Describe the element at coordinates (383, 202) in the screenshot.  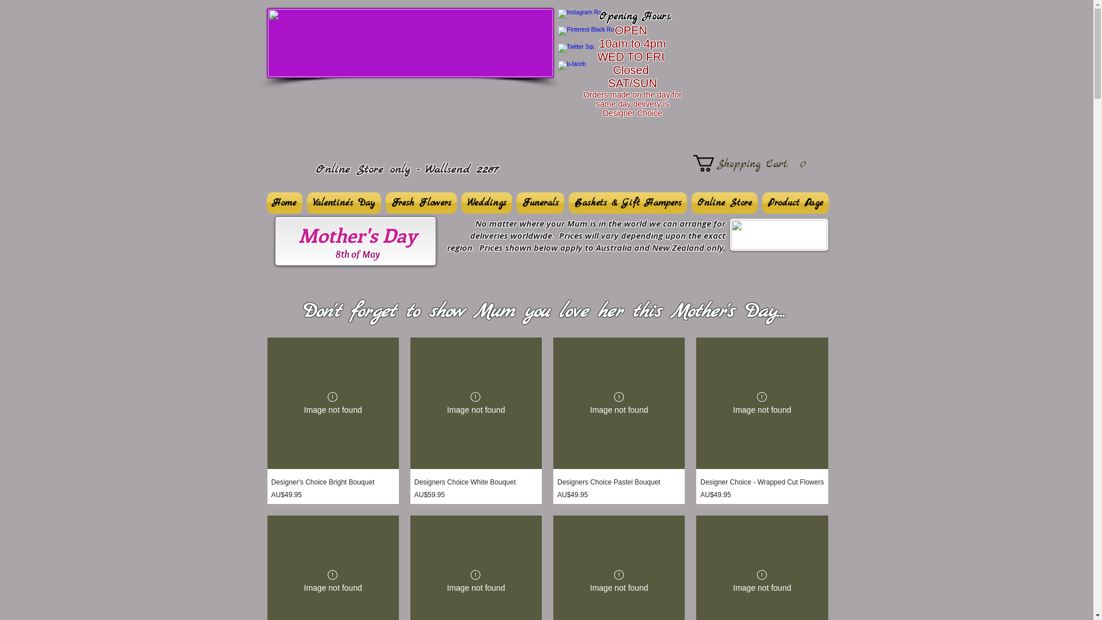
I see `'Fresh Flowers'` at that location.